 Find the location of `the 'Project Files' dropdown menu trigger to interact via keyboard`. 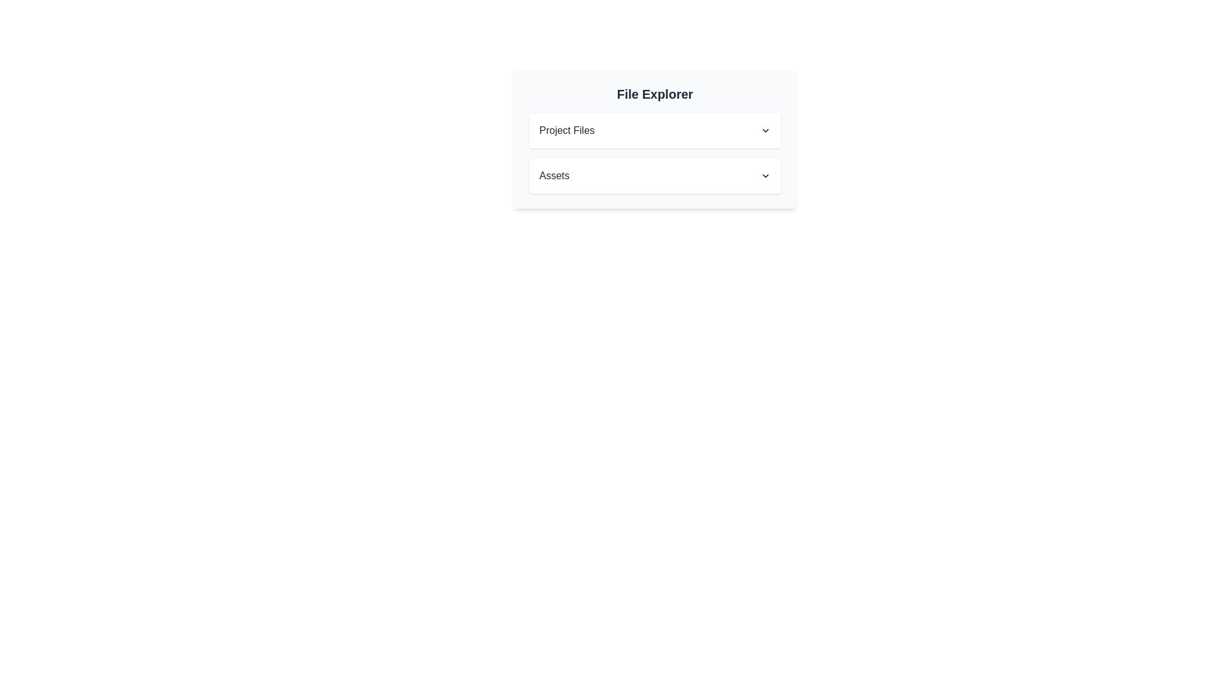

the 'Project Files' dropdown menu trigger to interact via keyboard is located at coordinates (654, 131).